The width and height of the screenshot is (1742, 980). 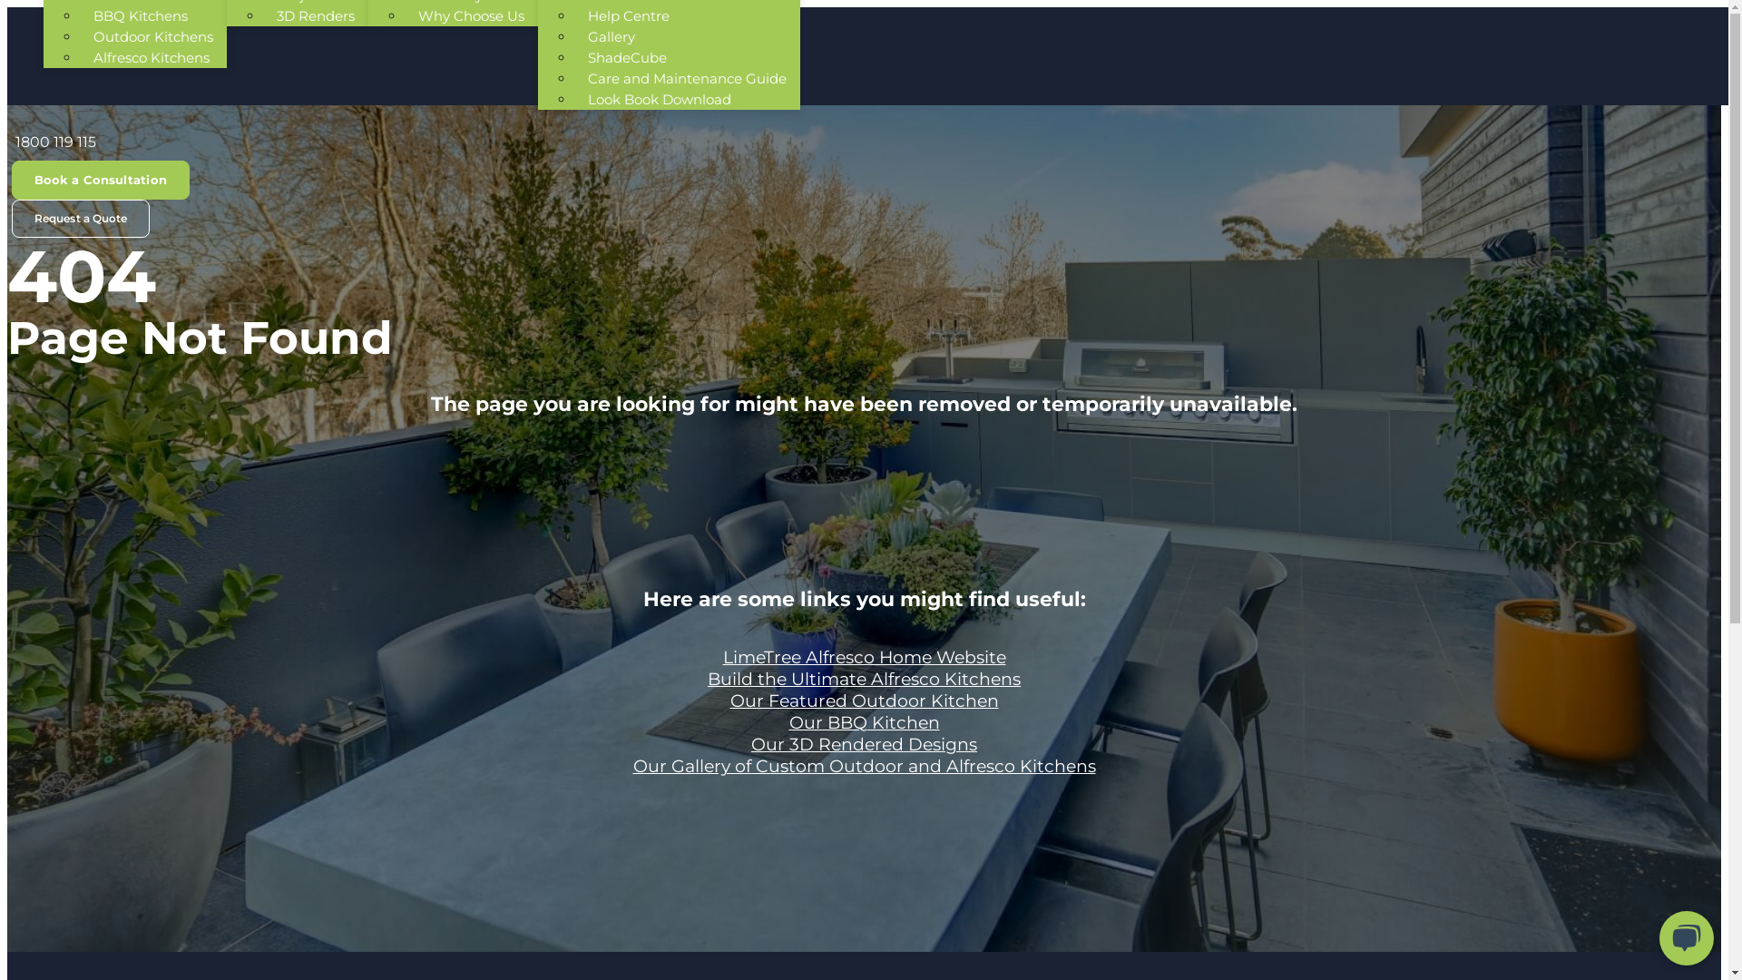 What do you see at coordinates (627, 56) in the screenshot?
I see `'ShadeCube'` at bounding box center [627, 56].